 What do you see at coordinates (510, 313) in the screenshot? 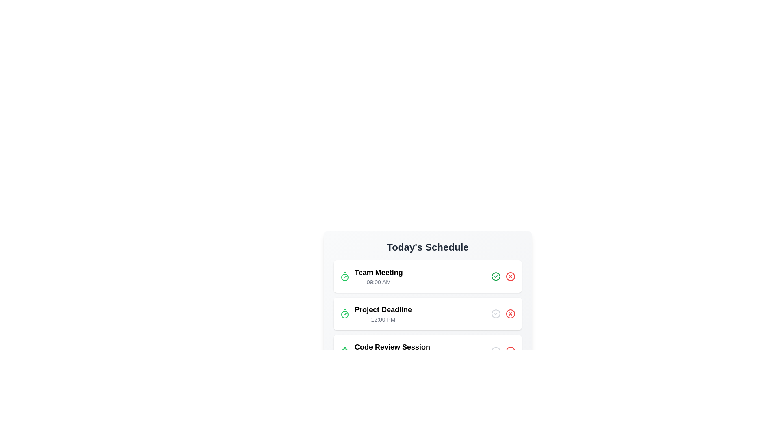
I see `the red cross icon corresponding to the task 'Project Deadline' to remove it` at bounding box center [510, 313].